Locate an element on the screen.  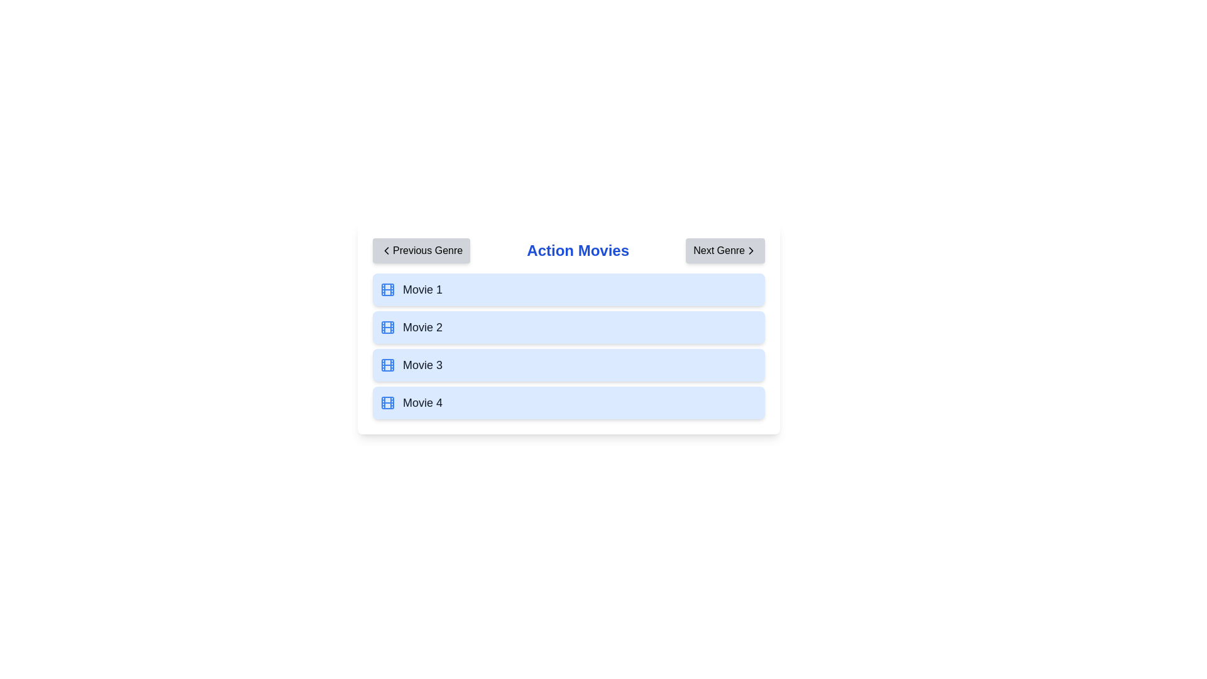
the list item representing the movie titled 'Movie 3' is located at coordinates (568, 365).